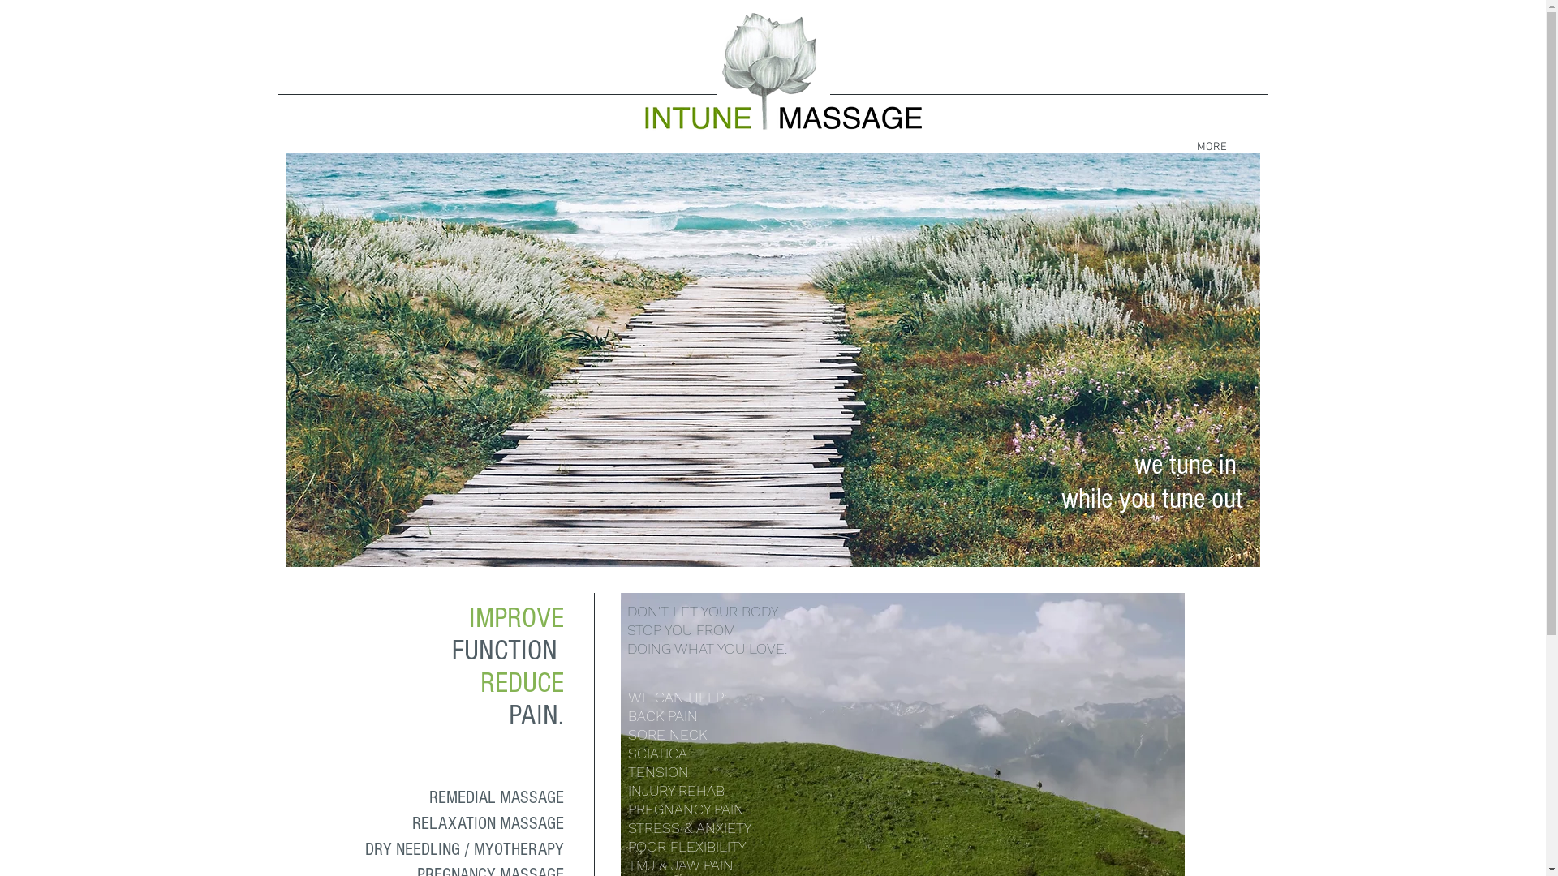  Describe the element at coordinates (684, 864) in the screenshot. I see `'JAW'` at that location.